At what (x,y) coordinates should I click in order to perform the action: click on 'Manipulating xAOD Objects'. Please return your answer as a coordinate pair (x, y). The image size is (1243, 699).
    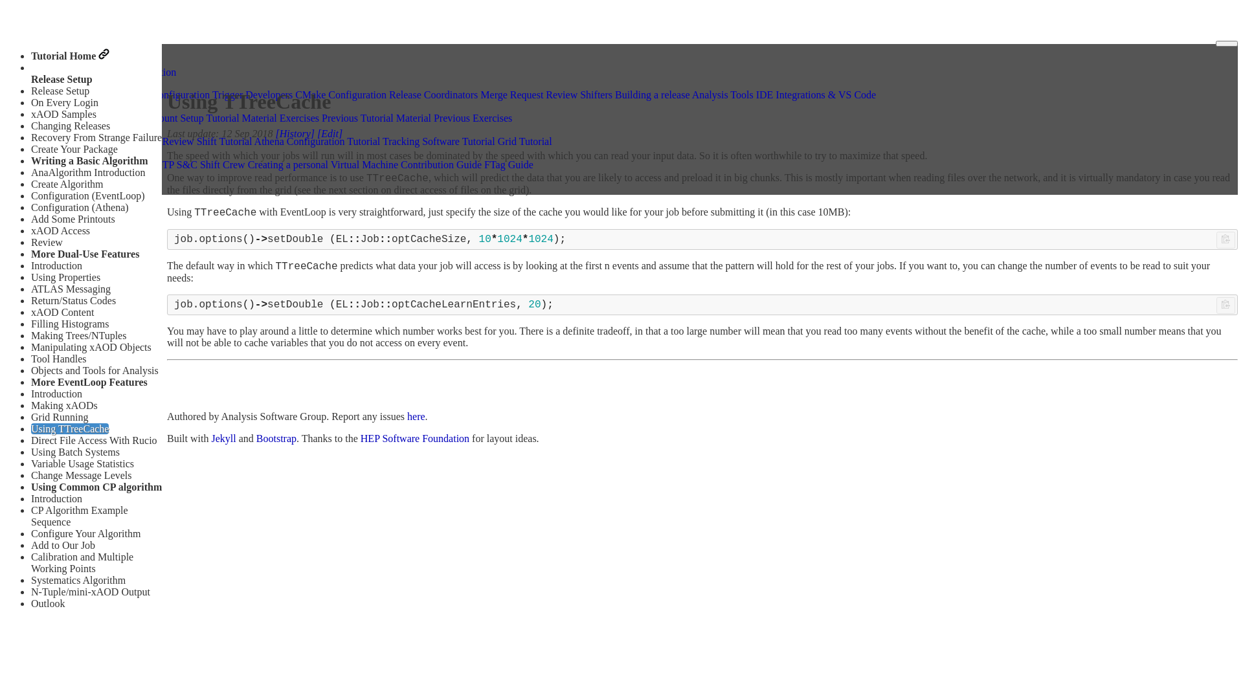
    Looking at the image, I should click on (90, 346).